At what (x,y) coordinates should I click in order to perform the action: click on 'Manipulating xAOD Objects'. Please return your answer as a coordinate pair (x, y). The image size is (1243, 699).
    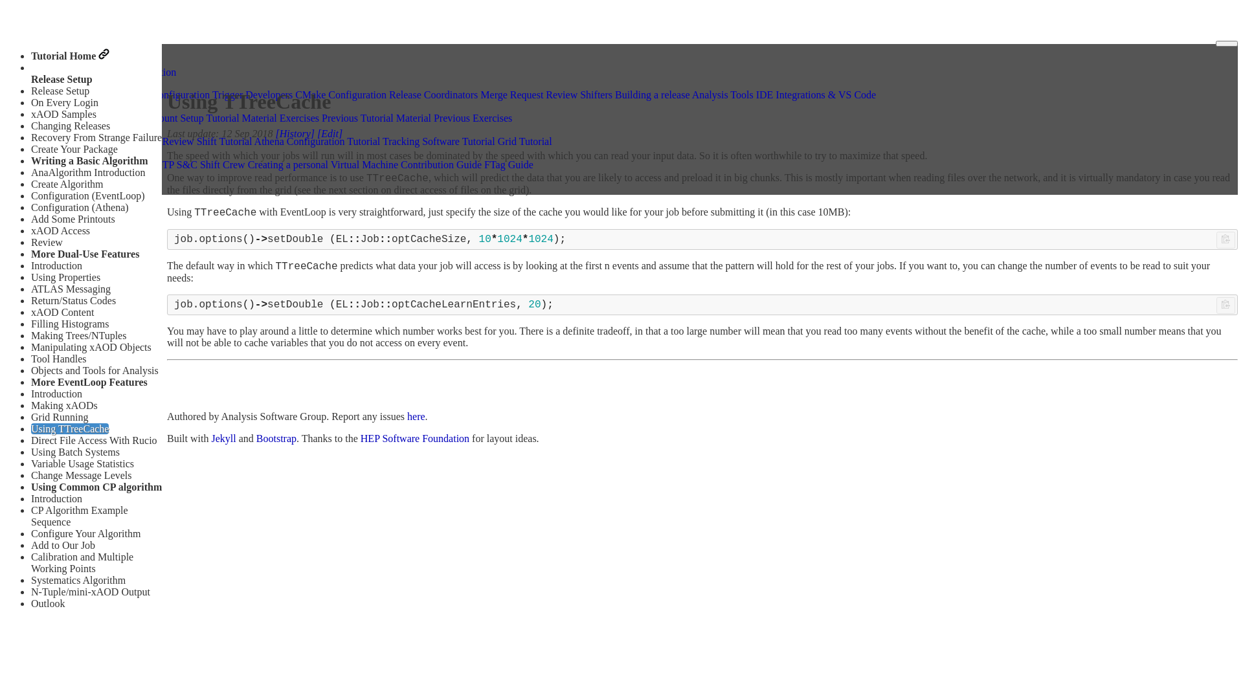
    Looking at the image, I should click on (90, 346).